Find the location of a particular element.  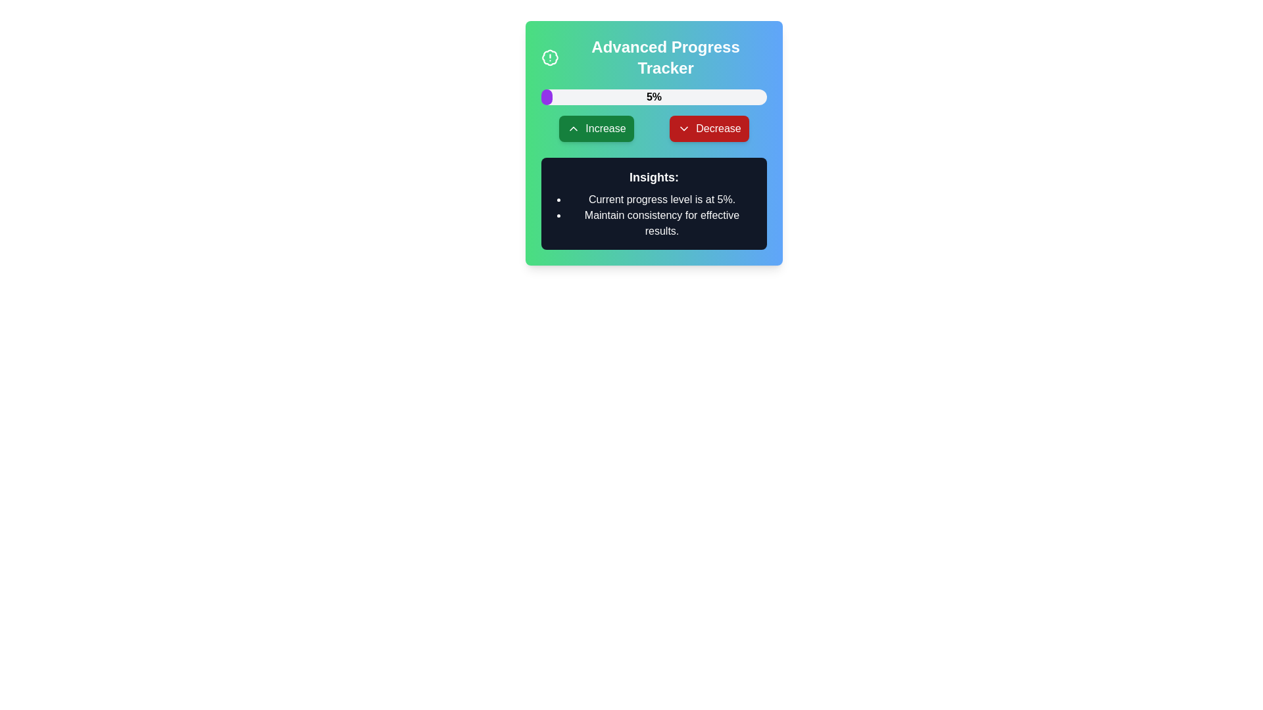

the interactive 'Decrease' button icon located towards the left side of the button, aligned with the text 'Decrease' is located at coordinates (684, 129).